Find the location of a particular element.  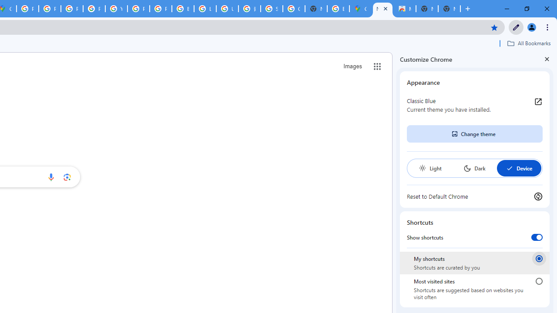

'All Bookmarks' is located at coordinates (528, 43).